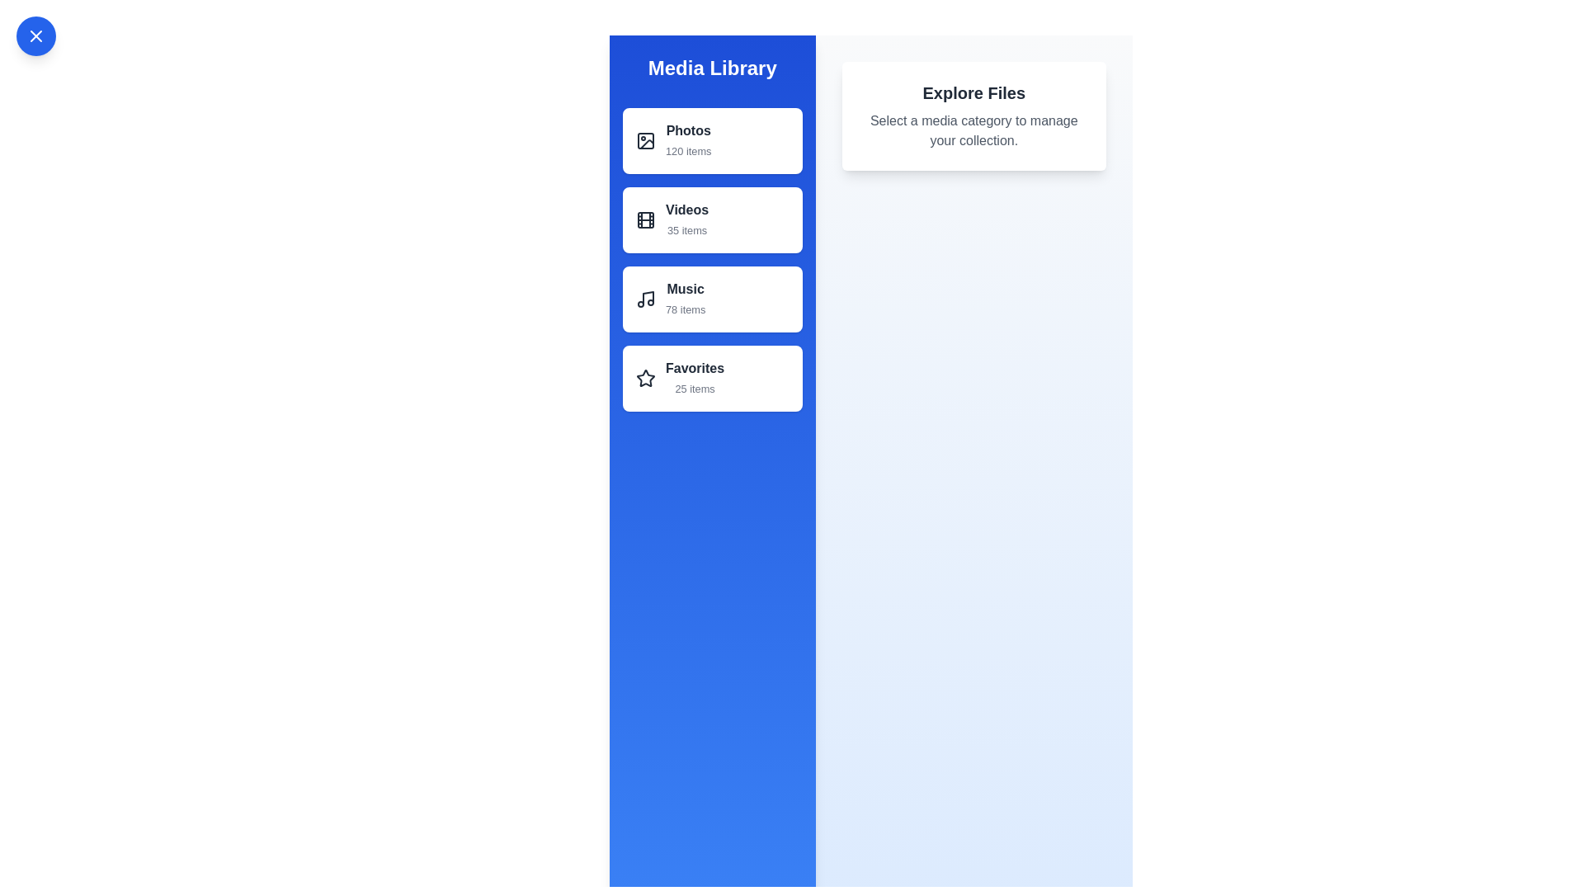 The image size is (1584, 891). I want to click on the list item Music to observe its hover state, so click(712, 299).